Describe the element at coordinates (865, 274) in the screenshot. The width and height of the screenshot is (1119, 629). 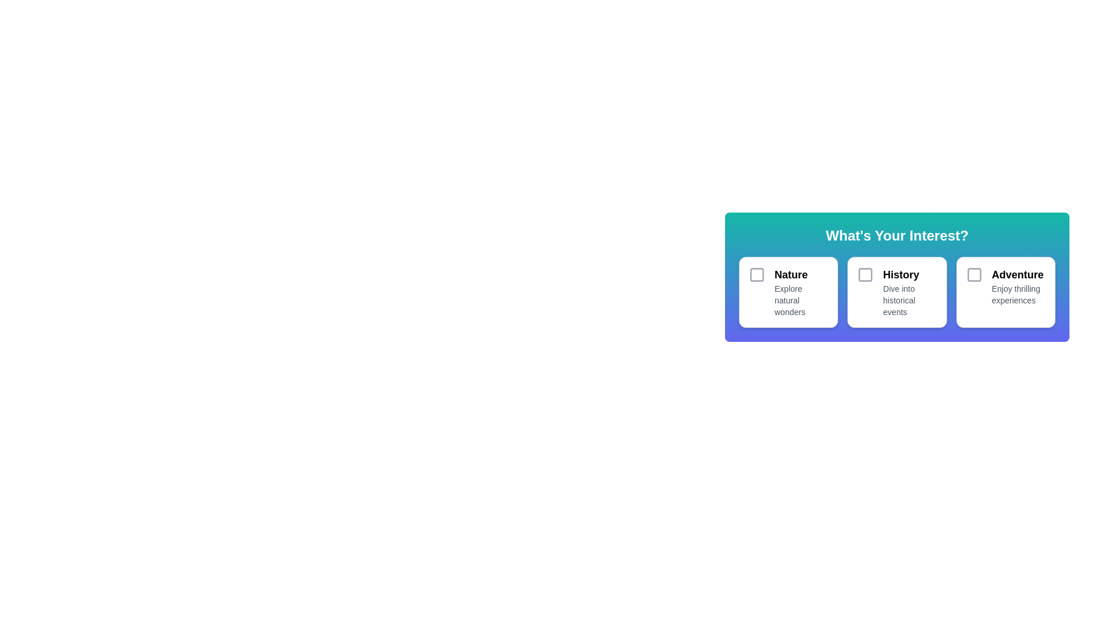
I see `the checkbox associated with the 'History' selection to possibly see a tooltip` at that location.